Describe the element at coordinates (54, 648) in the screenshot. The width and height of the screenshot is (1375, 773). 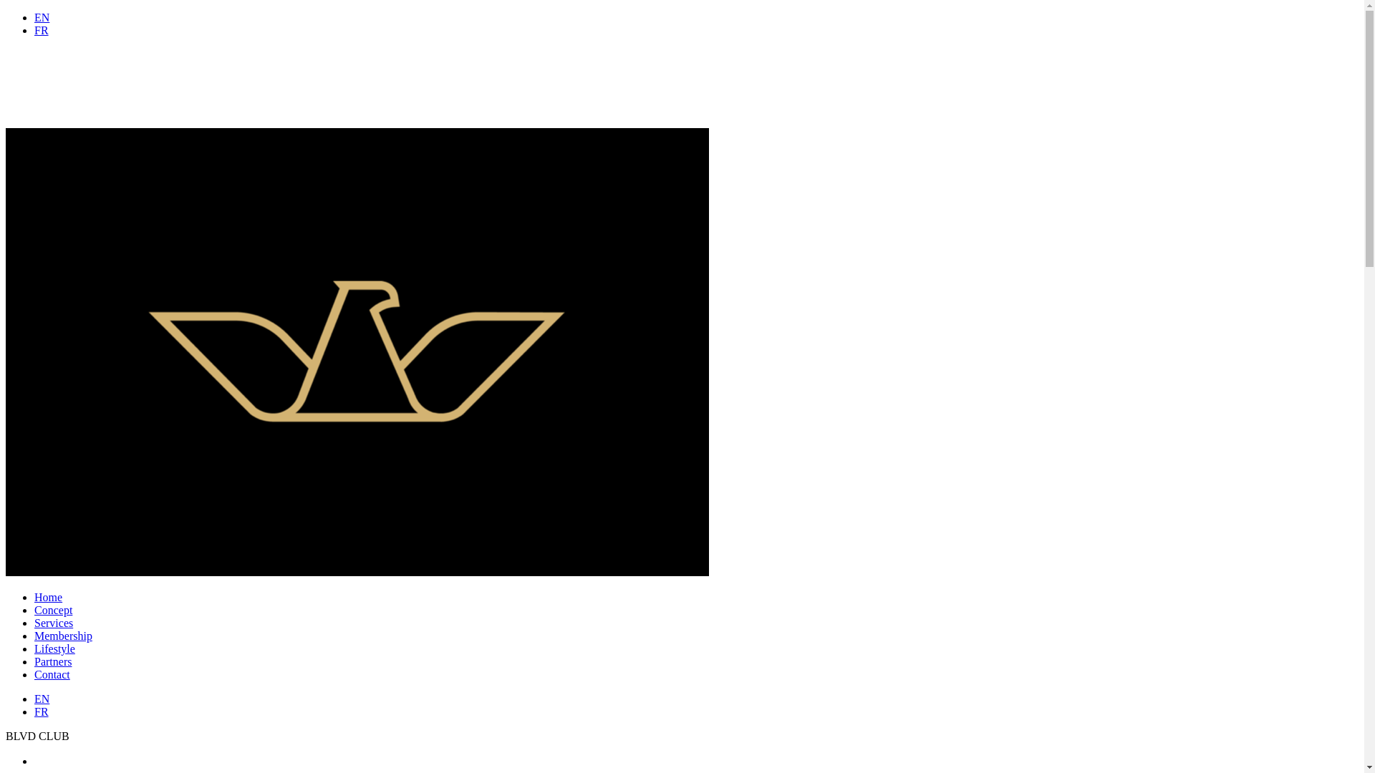
I see `'Lifestyle'` at that location.